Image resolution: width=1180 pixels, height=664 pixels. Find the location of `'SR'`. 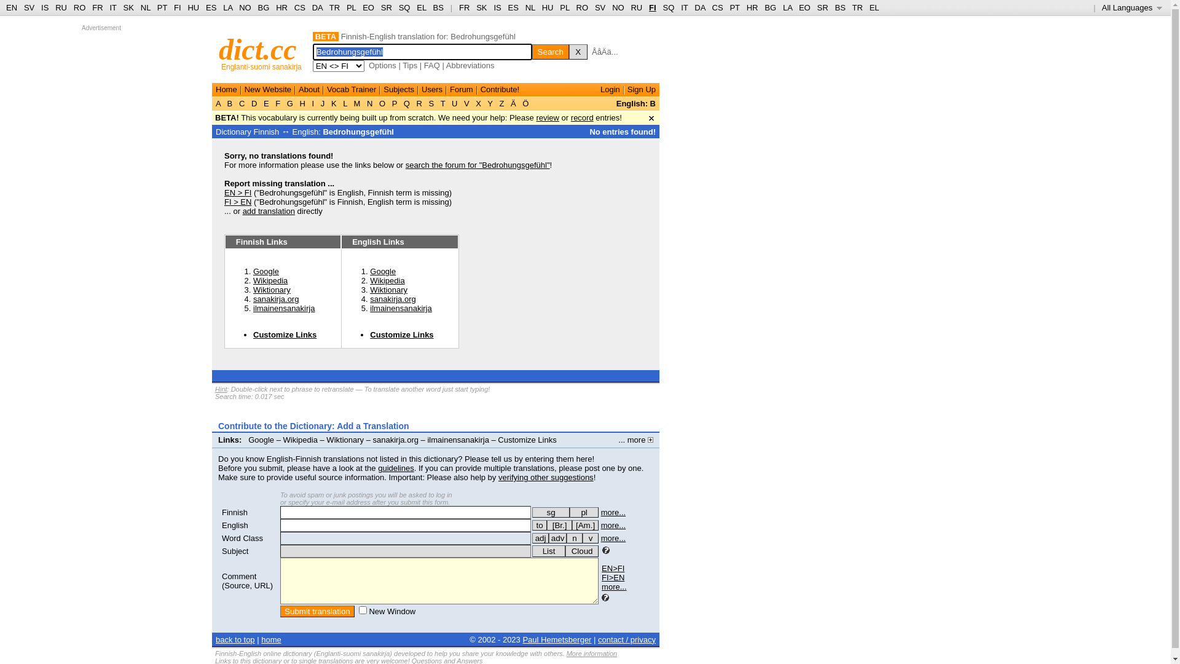

'SR' is located at coordinates (380, 7).